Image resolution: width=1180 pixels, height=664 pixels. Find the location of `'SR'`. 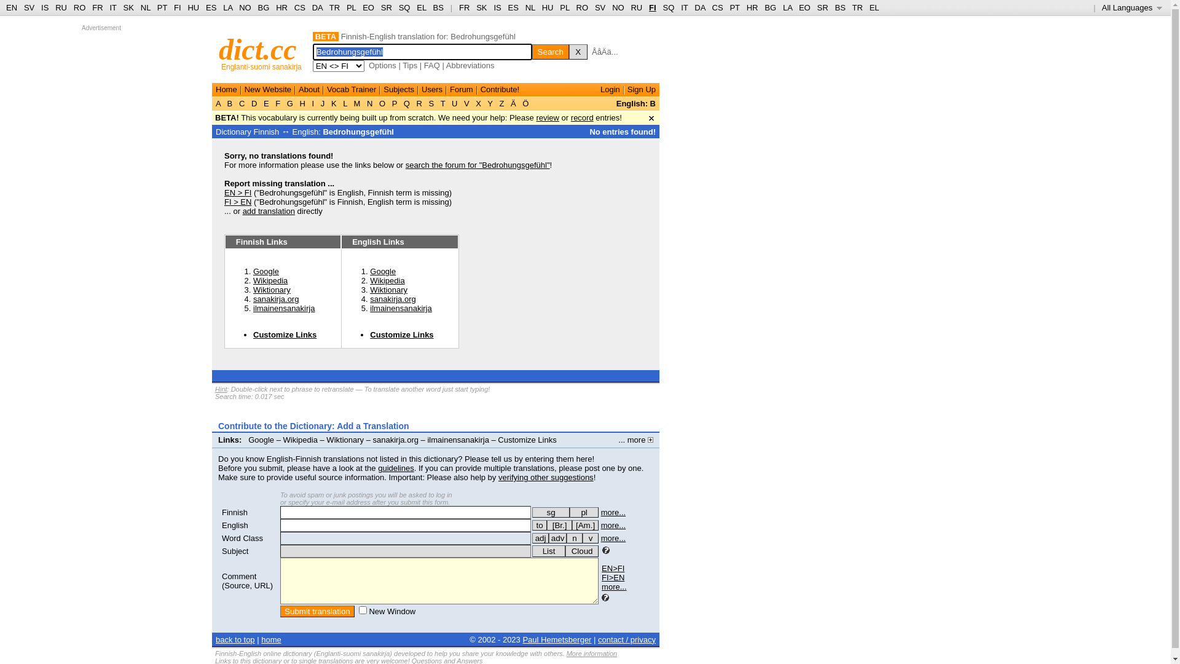

'SR' is located at coordinates (380, 7).